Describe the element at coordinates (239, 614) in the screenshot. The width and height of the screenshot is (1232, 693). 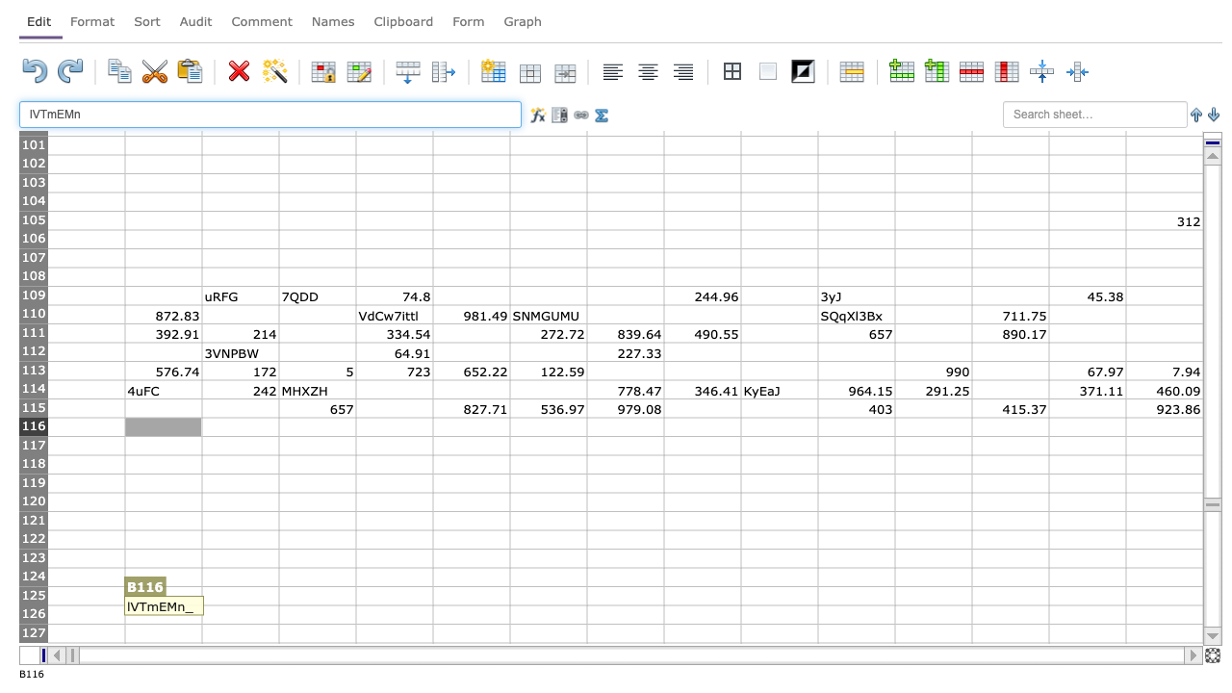
I see `cell at column C row 126` at that location.